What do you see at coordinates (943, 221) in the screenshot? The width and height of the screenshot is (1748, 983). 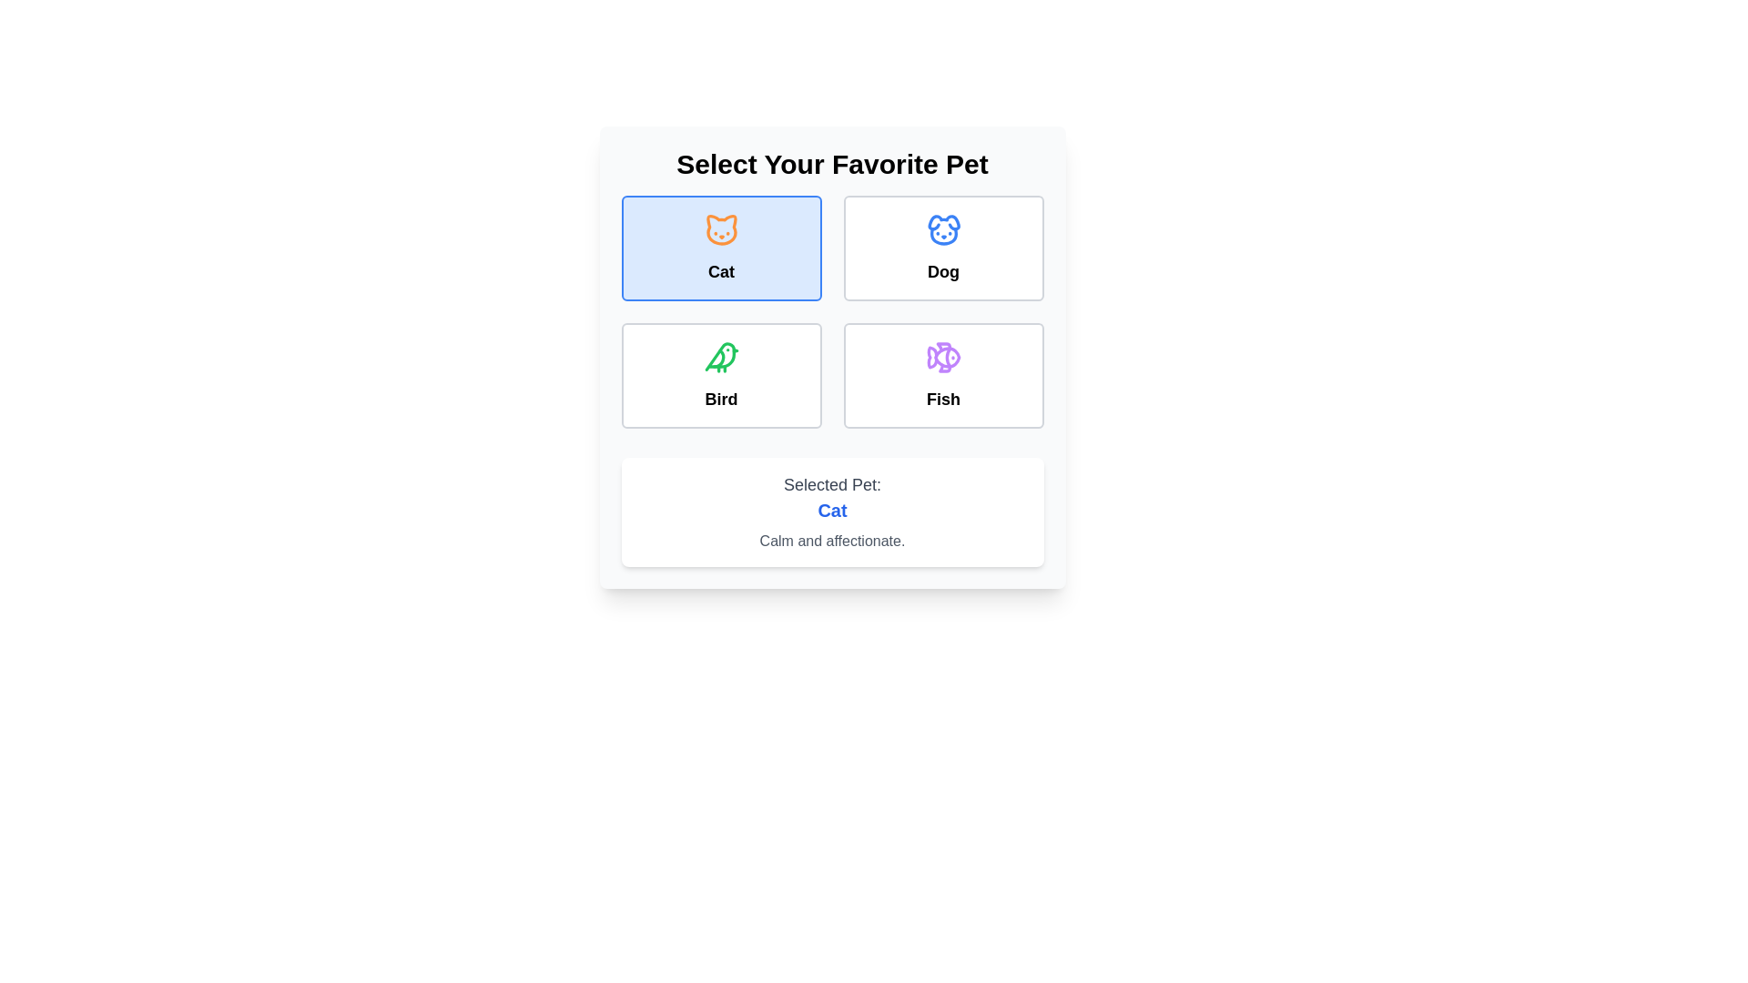 I see `the stylized dog icon located in the top-right quadrant of the 2x2 grid` at bounding box center [943, 221].